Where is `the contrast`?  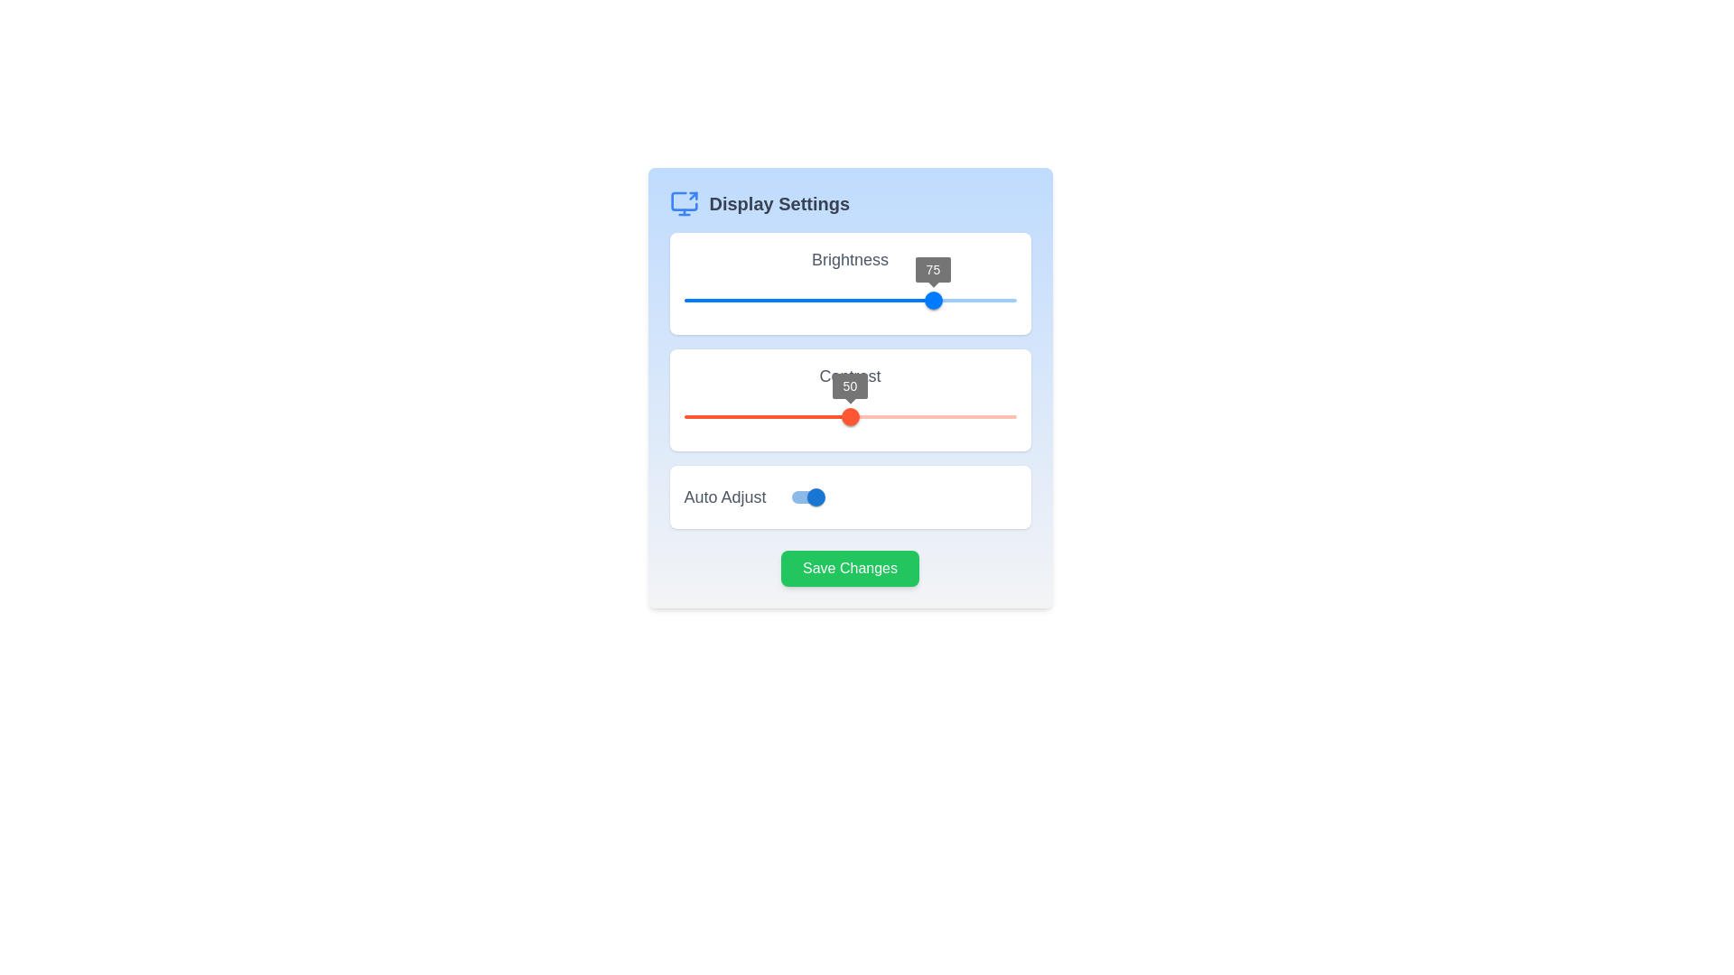 the contrast is located at coordinates (849, 417).